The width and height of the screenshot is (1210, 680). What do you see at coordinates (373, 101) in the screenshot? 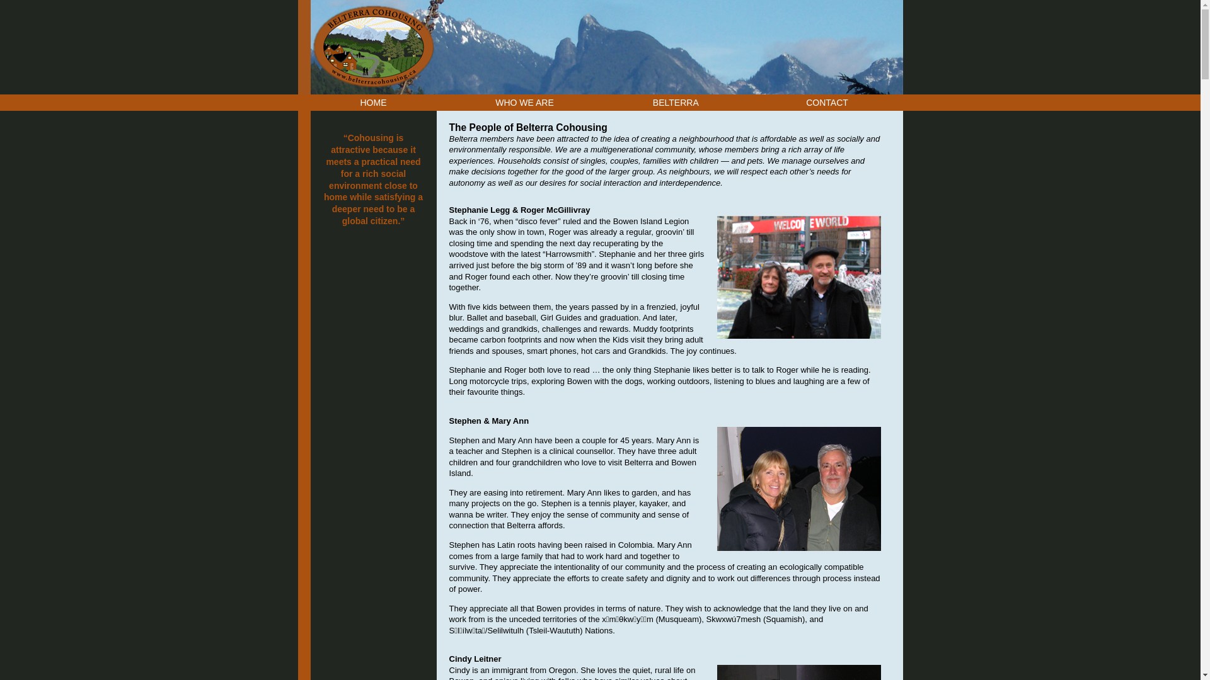
I see `'HOME'` at bounding box center [373, 101].